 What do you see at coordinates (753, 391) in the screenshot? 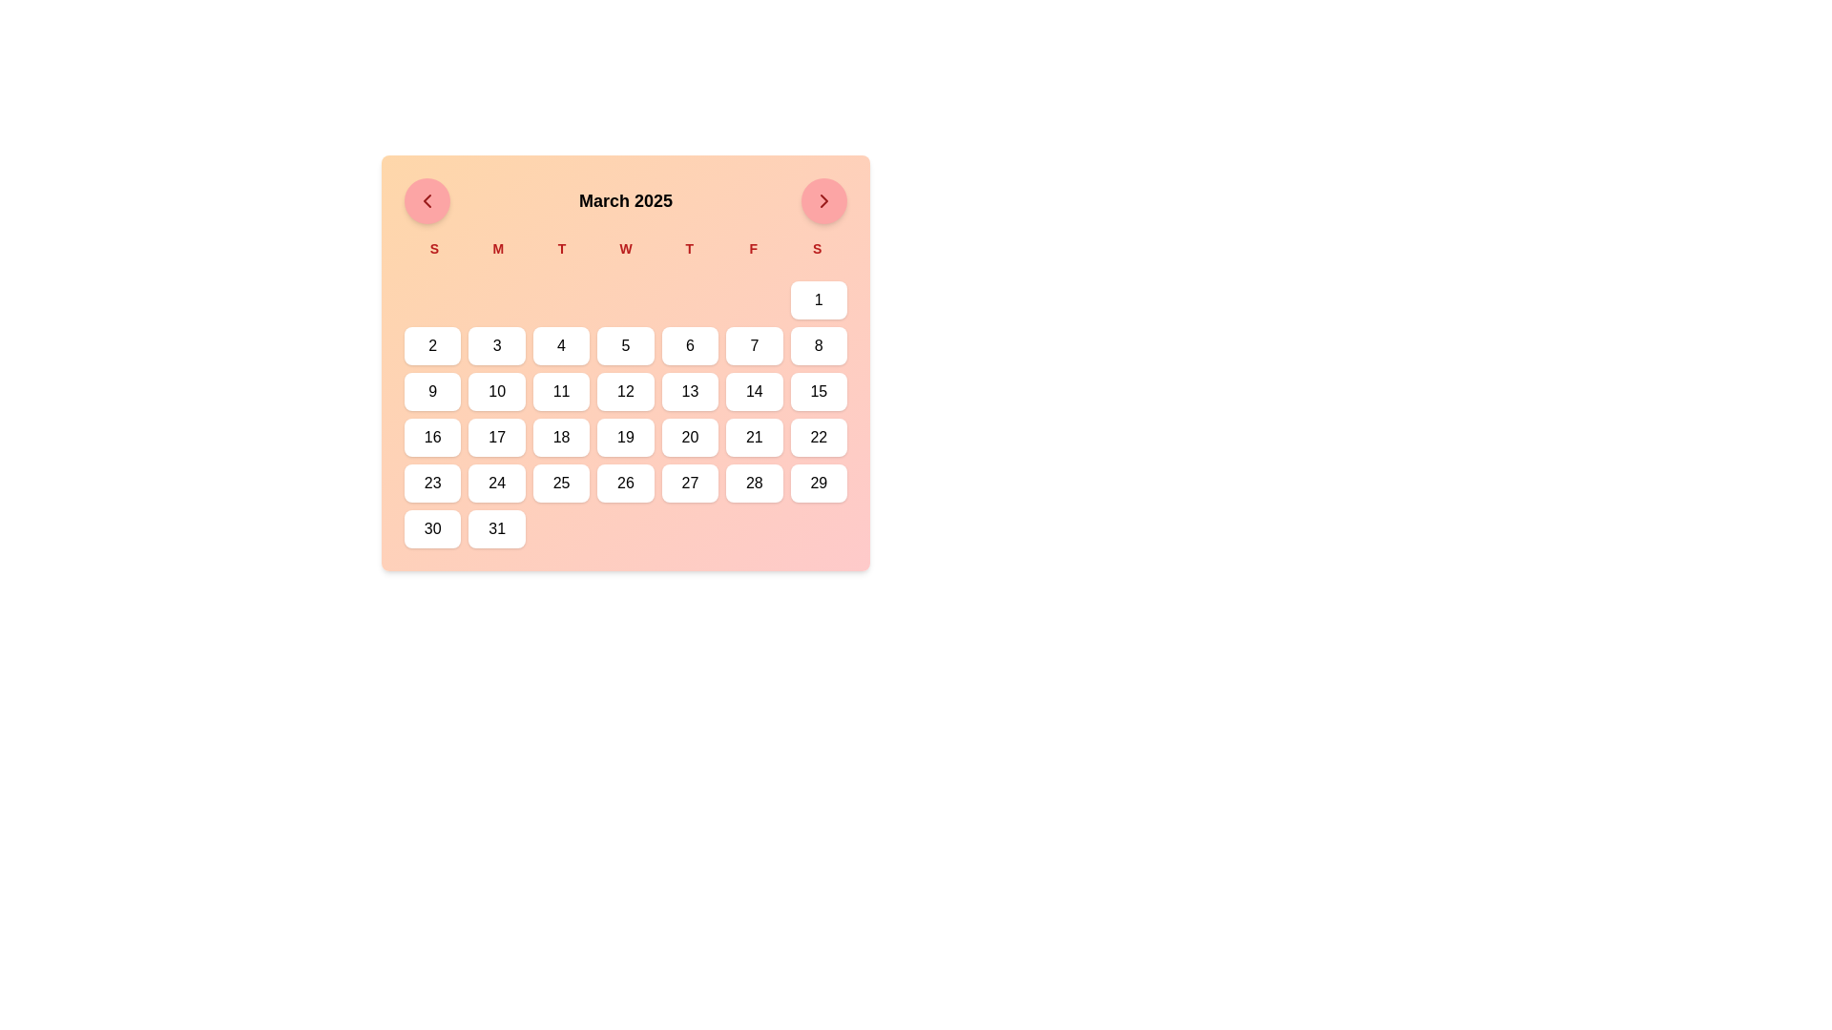
I see `the button representing the 14th day of March within the calendar interface to navigate` at bounding box center [753, 391].